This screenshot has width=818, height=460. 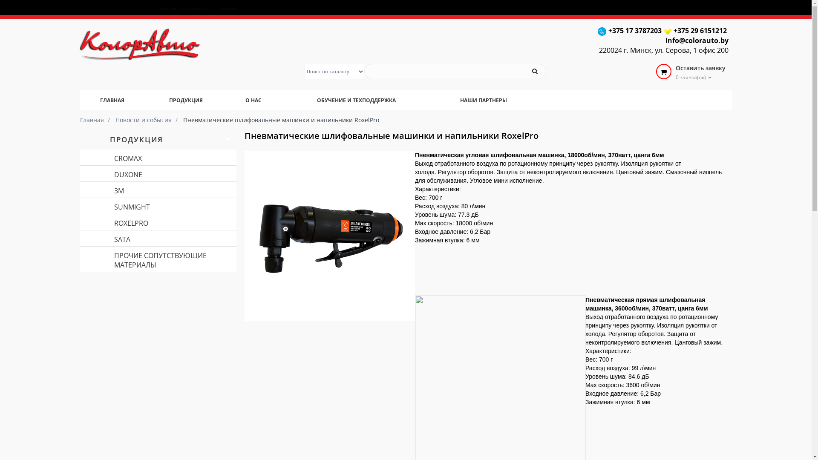 I want to click on 'info@colorauto.by', so click(x=665, y=40).